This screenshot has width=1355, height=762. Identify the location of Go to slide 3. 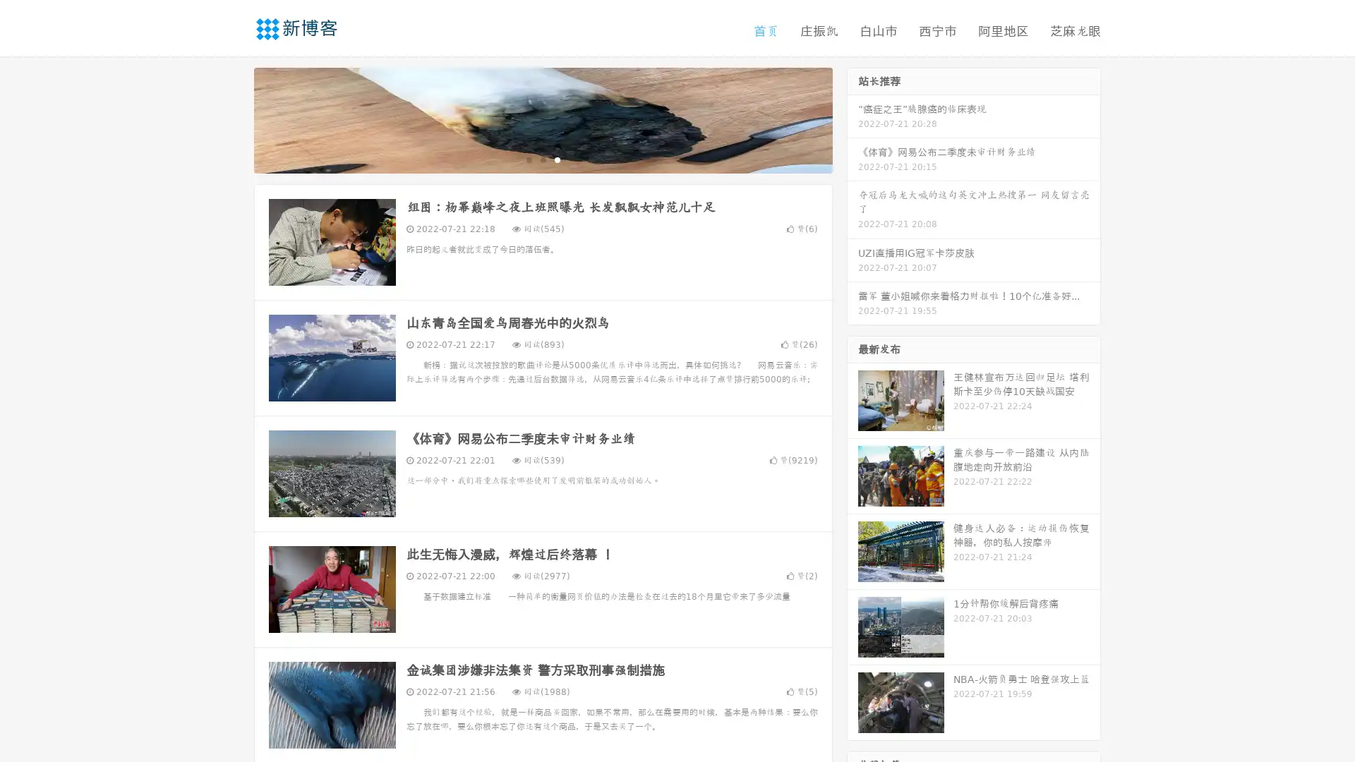
(557, 159).